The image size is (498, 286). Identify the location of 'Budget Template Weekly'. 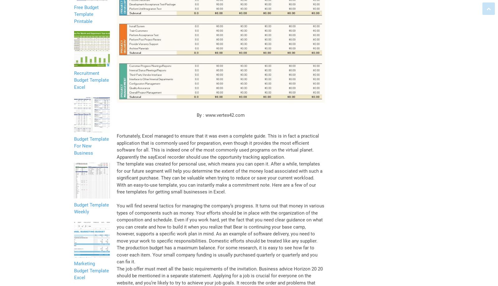
(91, 208).